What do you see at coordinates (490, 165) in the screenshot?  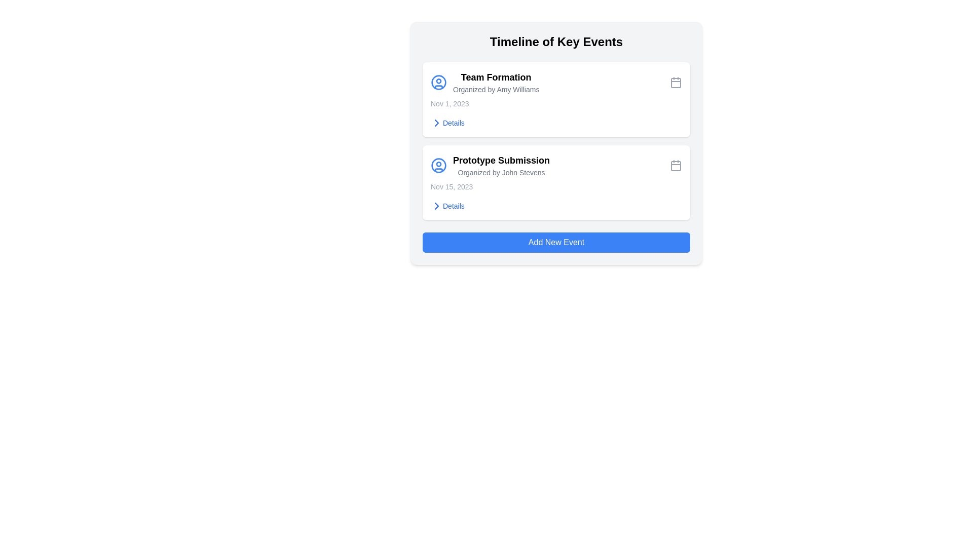 I see `the 'Prototype Submission' text with icon, which features bold text and an organizer detail below it, located in the second box of the timeline component` at bounding box center [490, 165].